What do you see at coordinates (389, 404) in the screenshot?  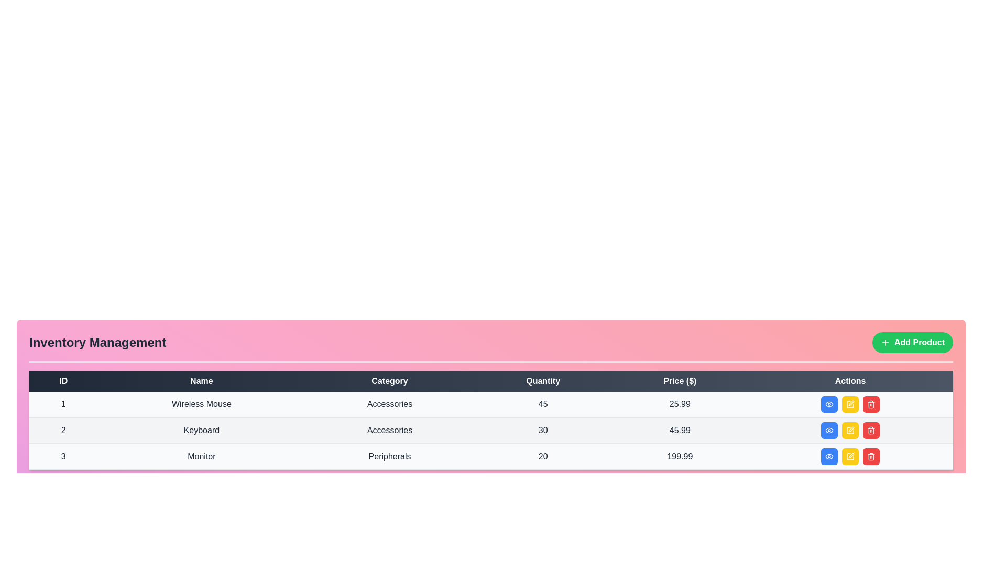 I see `the static text element displaying 'Accessories' in the first row and third column of the inventory table` at bounding box center [389, 404].